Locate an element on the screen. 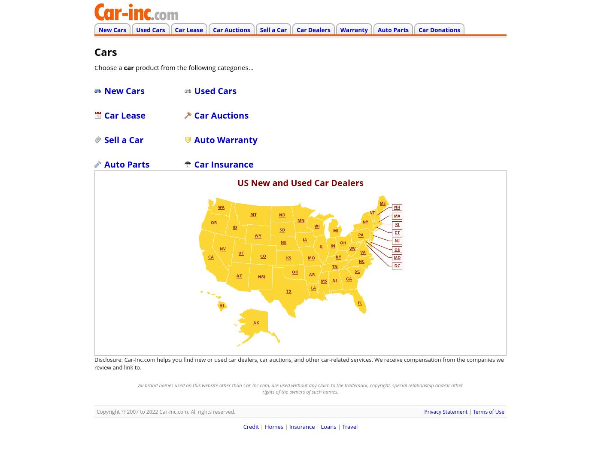  'Car Insurance' is located at coordinates (223, 164).